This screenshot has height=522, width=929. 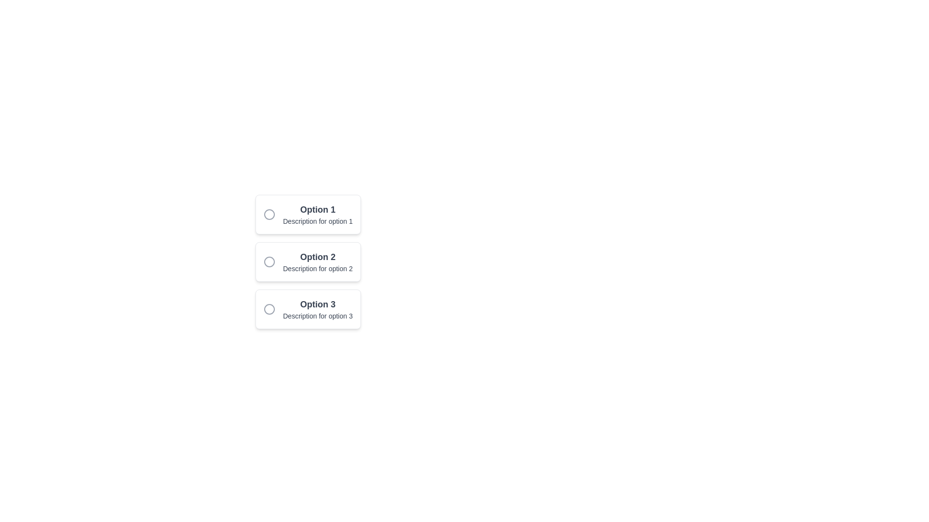 I want to click on the radio button associated with the circular SVG icon styled as a light gray outline located in the second radio button of a vertical list of three options, so click(x=269, y=262).